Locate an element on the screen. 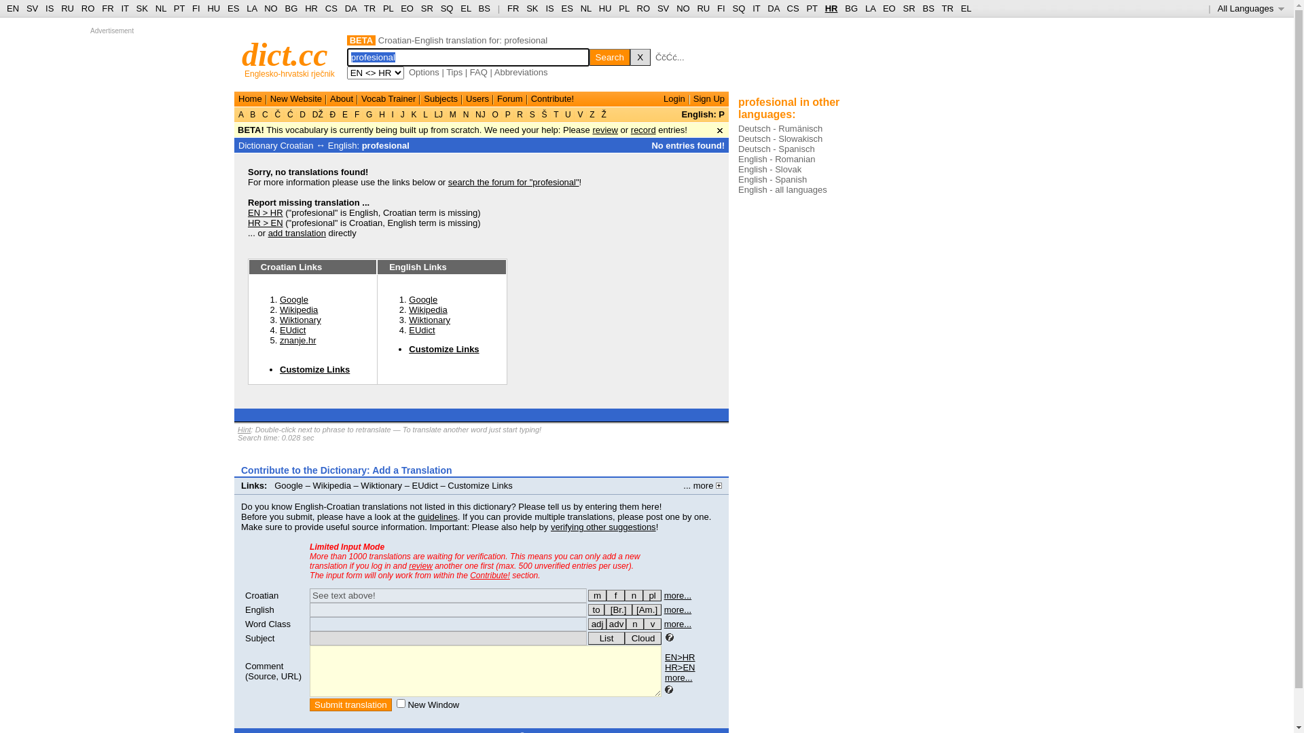 Image resolution: width=1304 pixels, height=733 pixels. 'Contribute!' is located at coordinates (489, 576).